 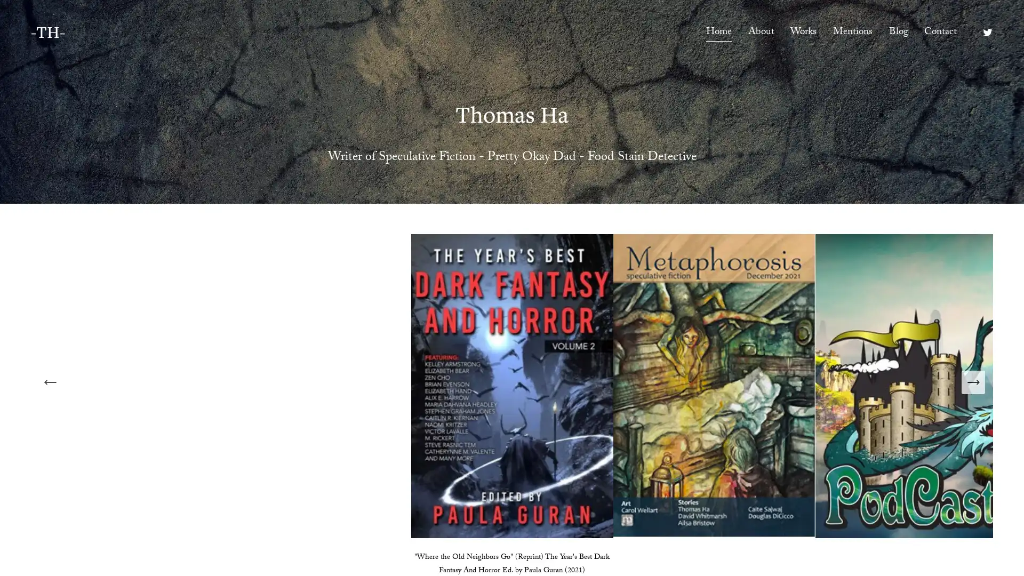 I want to click on Next Slide, so click(x=973, y=381).